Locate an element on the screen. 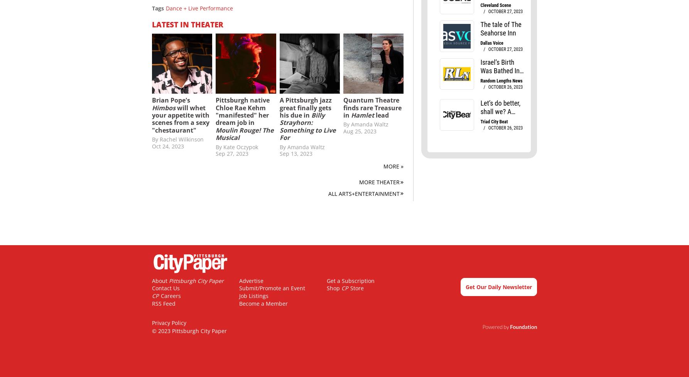 This screenshot has height=377, width=689. 'By Kate Oczypok' is located at coordinates (215, 146).